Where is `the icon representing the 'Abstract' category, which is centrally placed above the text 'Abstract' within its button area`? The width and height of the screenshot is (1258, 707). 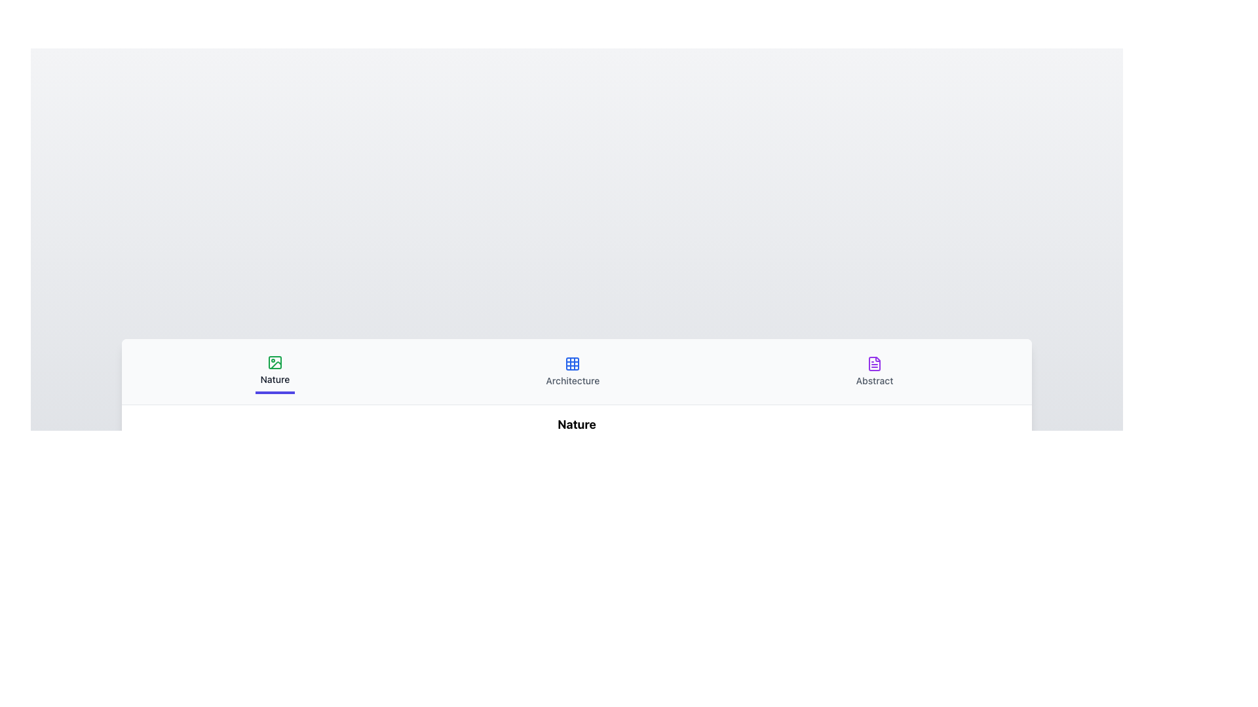 the icon representing the 'Abstract' category, which is centrally placed above the text 'Abstract' within its button area is located at coordinates (874, 363).